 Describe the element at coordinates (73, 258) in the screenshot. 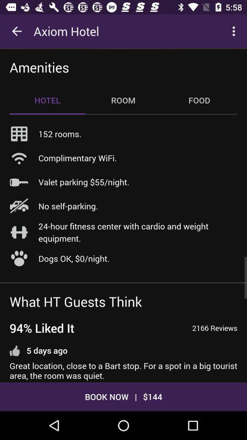

I see `the icon below 24 hour fitness item` at that location.